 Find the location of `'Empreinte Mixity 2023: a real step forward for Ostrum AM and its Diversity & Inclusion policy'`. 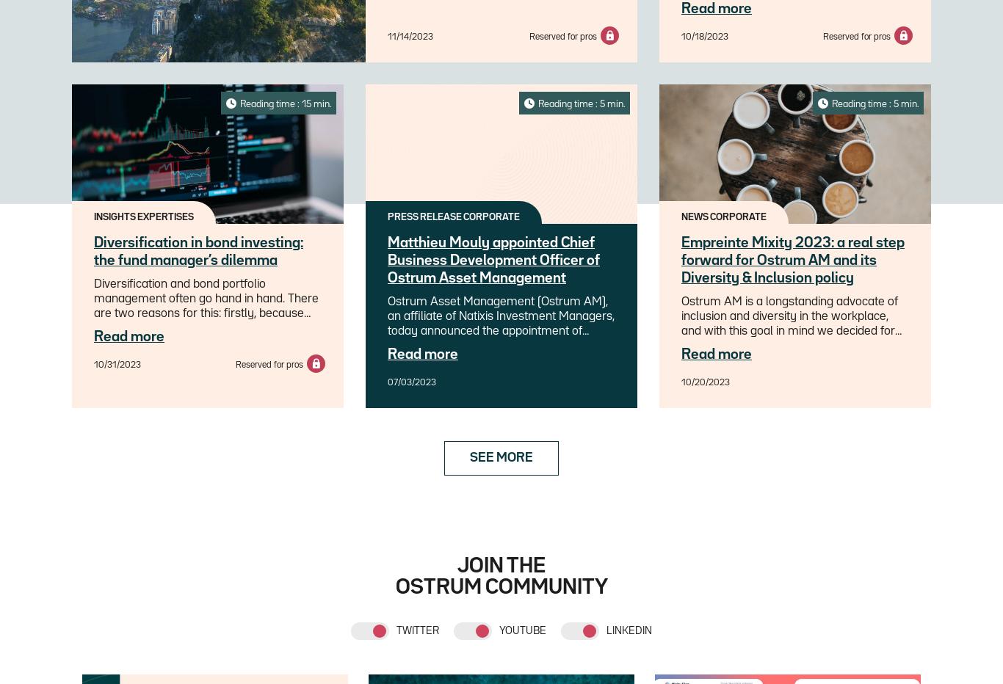

'Empreinte Mixity 2023: a real step forward for Ostrum AM and its Diversity & Inclusion policy' is located at coordinates (681, 259).